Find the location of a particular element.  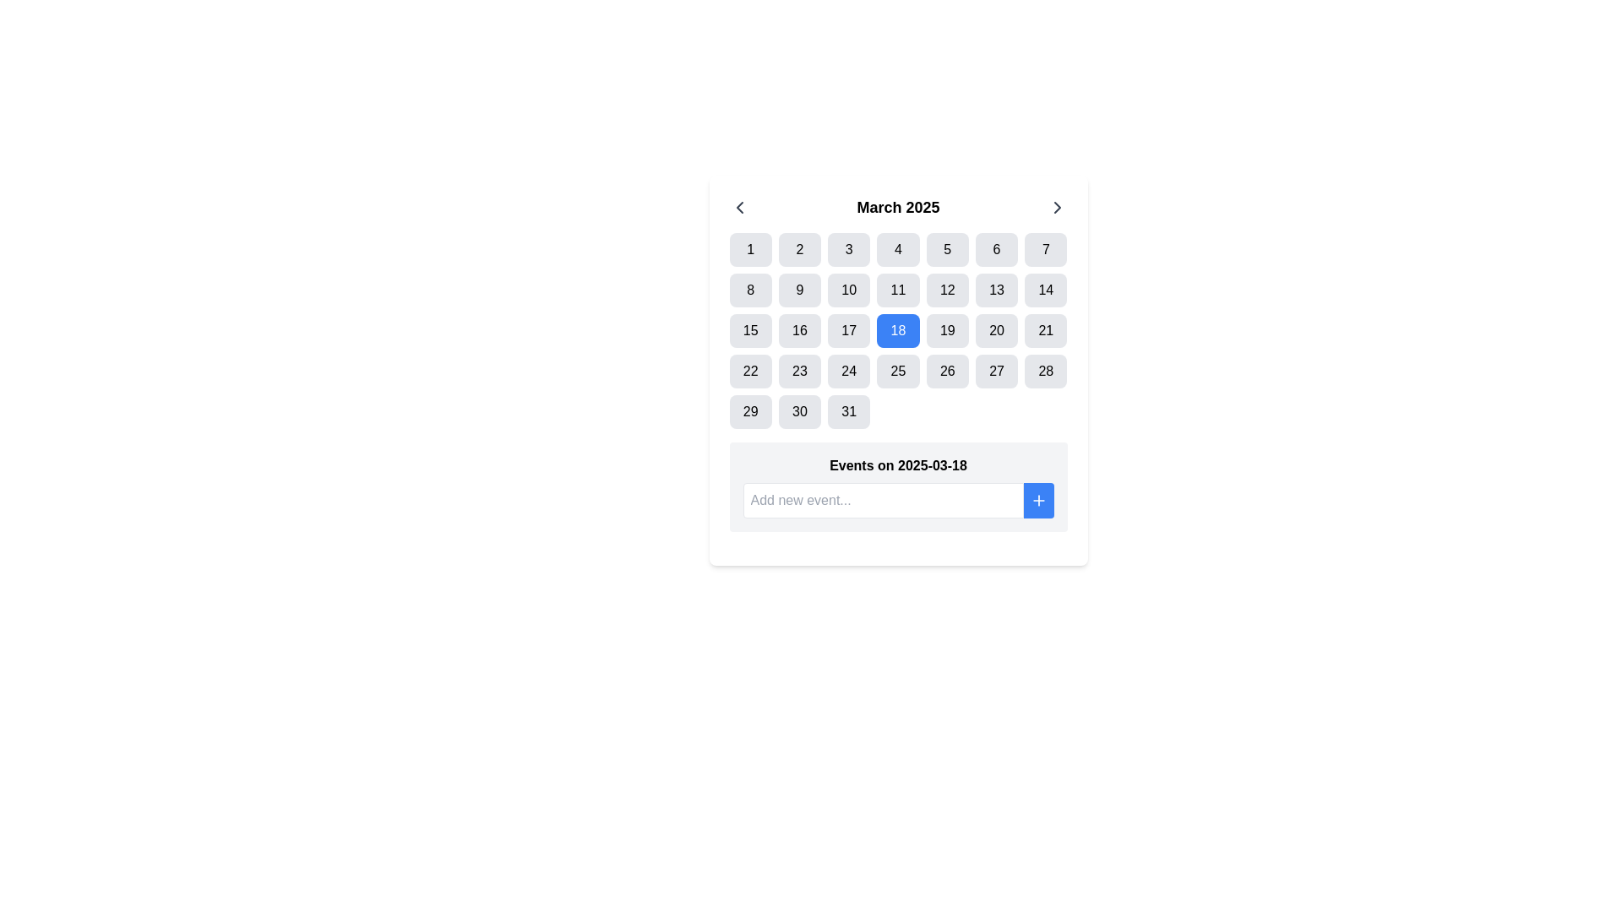

the button representing the 7th day in the calendar interface is located at coordinates (1045, 250).